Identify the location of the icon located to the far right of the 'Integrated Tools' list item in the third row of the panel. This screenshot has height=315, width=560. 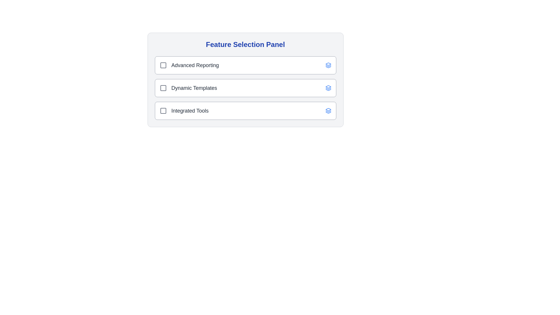
(328, 111).